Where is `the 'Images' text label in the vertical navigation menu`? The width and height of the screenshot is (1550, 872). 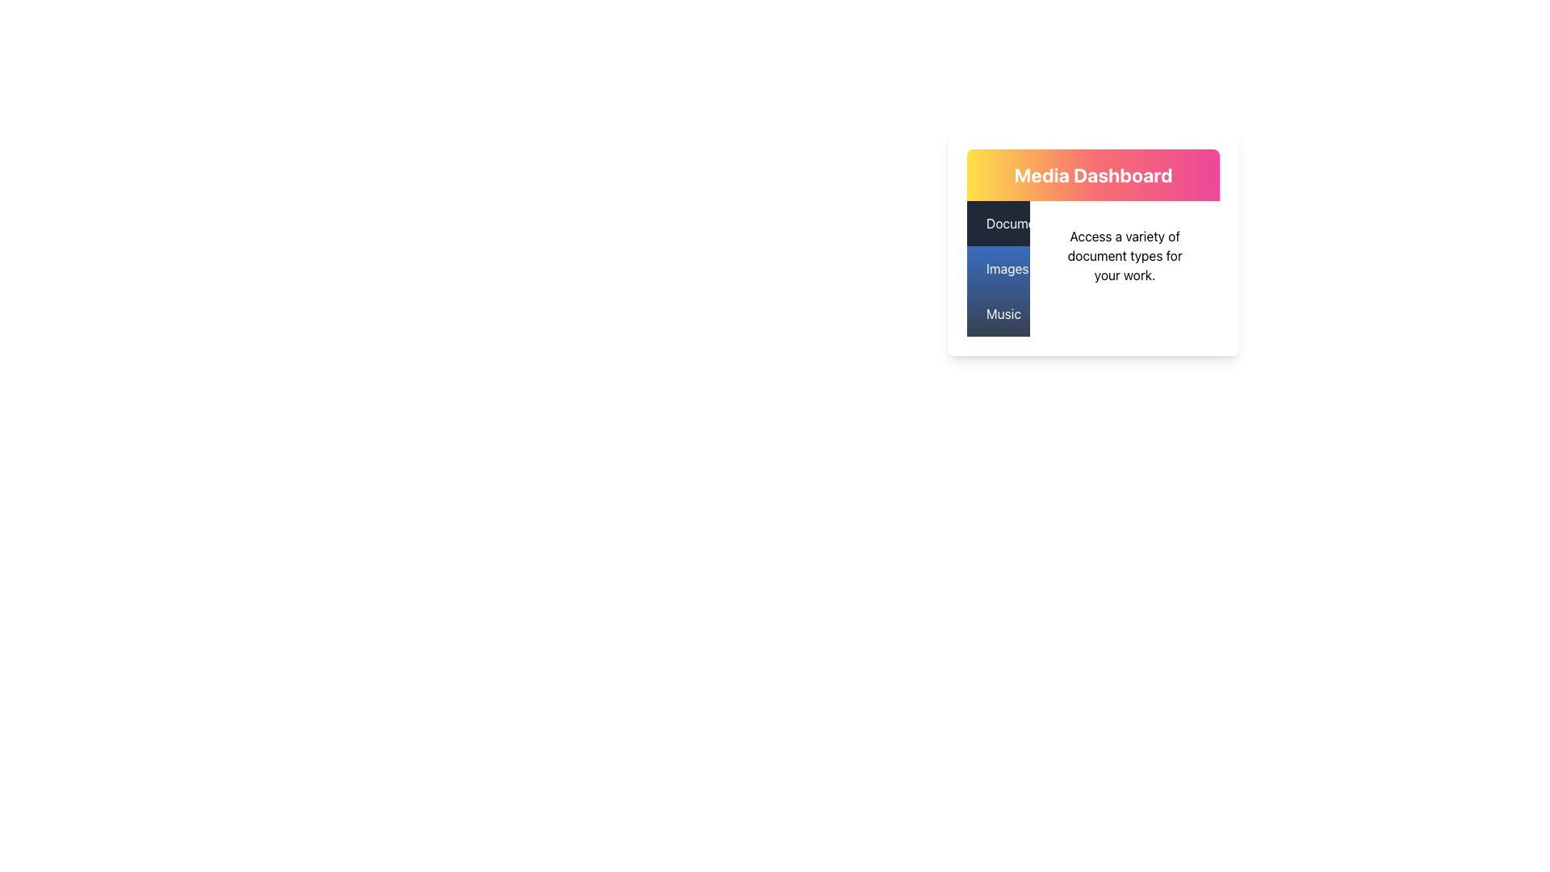
the 'Images' text label in the vertical navigation menu is located at coordinates (998, 267).